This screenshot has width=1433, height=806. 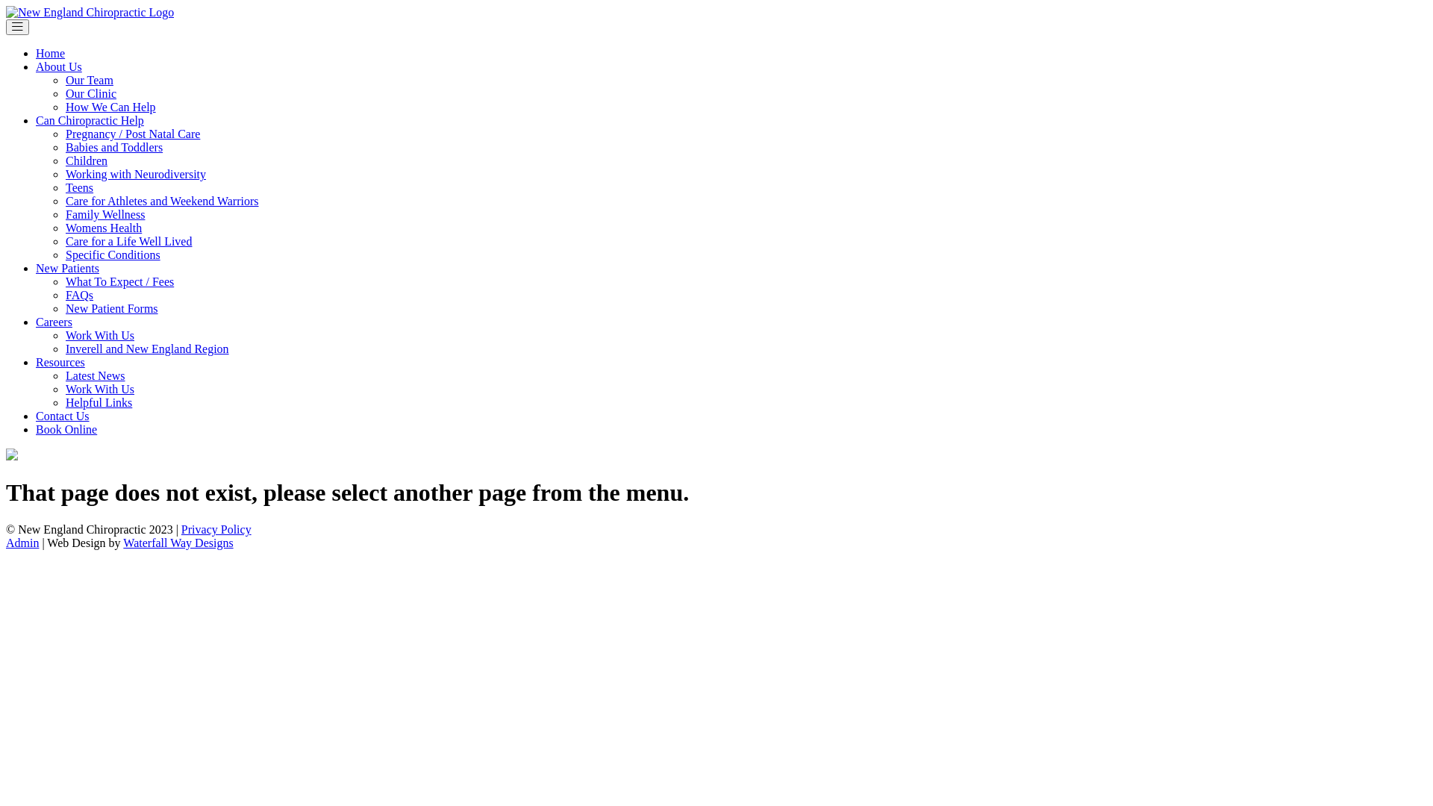 I want to click on 'Home', so click(x=50, y=52).